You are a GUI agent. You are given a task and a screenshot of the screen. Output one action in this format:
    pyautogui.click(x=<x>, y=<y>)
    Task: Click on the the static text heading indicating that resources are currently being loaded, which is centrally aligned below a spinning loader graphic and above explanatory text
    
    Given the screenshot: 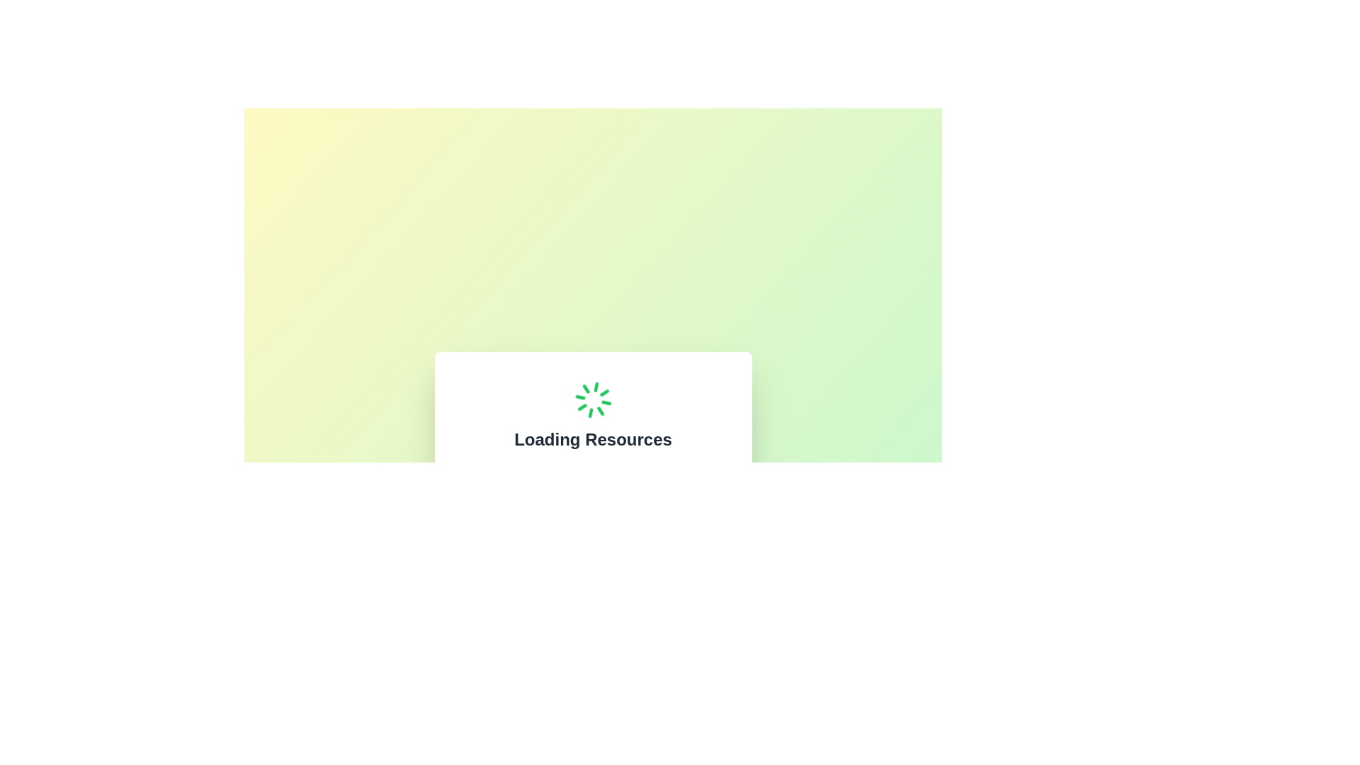 What is the action you would take?
    pyautogui.click(x=593, y=439)
    